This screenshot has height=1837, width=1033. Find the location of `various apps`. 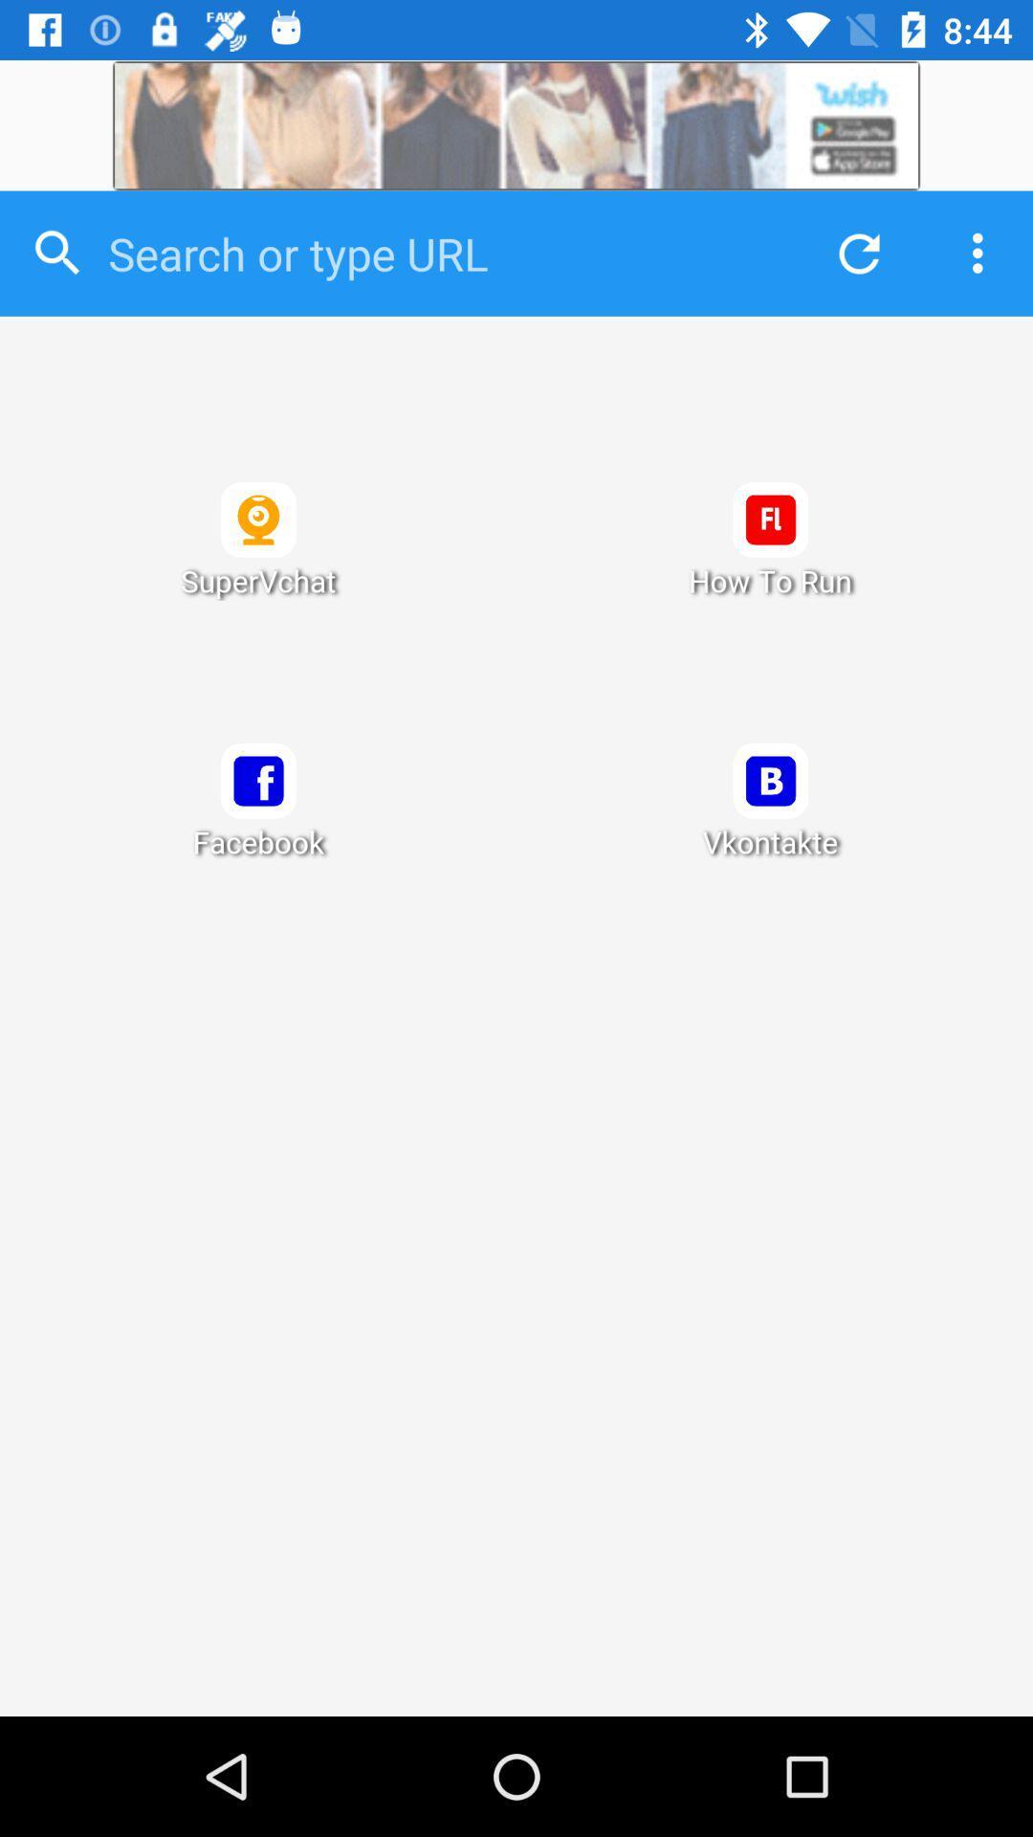

various apps is located at coordinates (516, 1015).